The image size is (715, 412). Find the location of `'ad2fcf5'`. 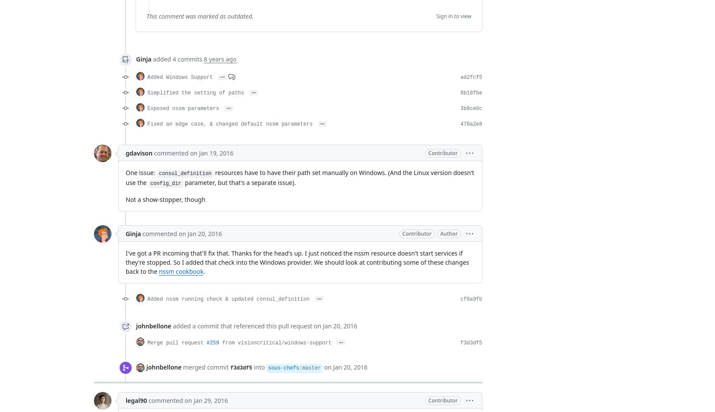

'ad2fcf5' is located at coordinates (471, 77).